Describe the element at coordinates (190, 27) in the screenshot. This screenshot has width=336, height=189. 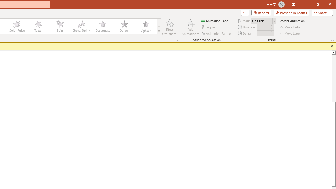
I see `'Add Animation'` at that location.